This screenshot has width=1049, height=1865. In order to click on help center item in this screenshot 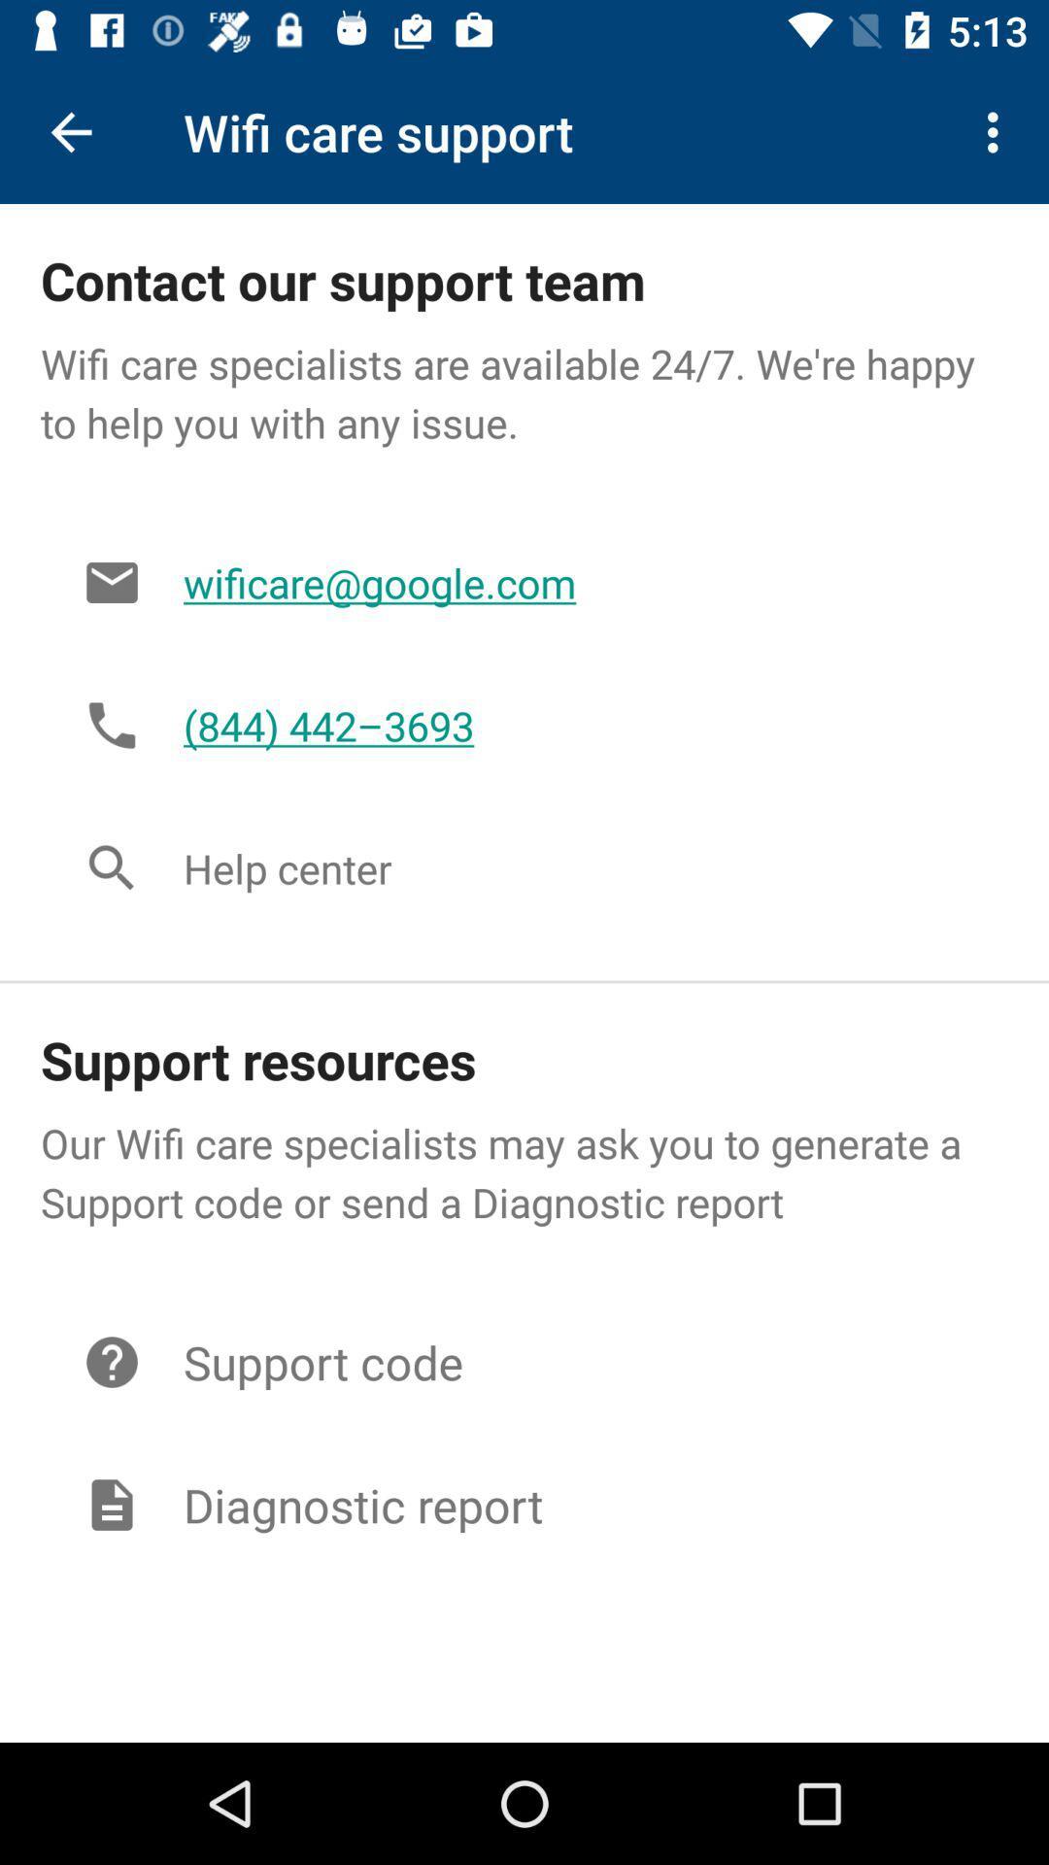, I will do `click(574, 866)`.